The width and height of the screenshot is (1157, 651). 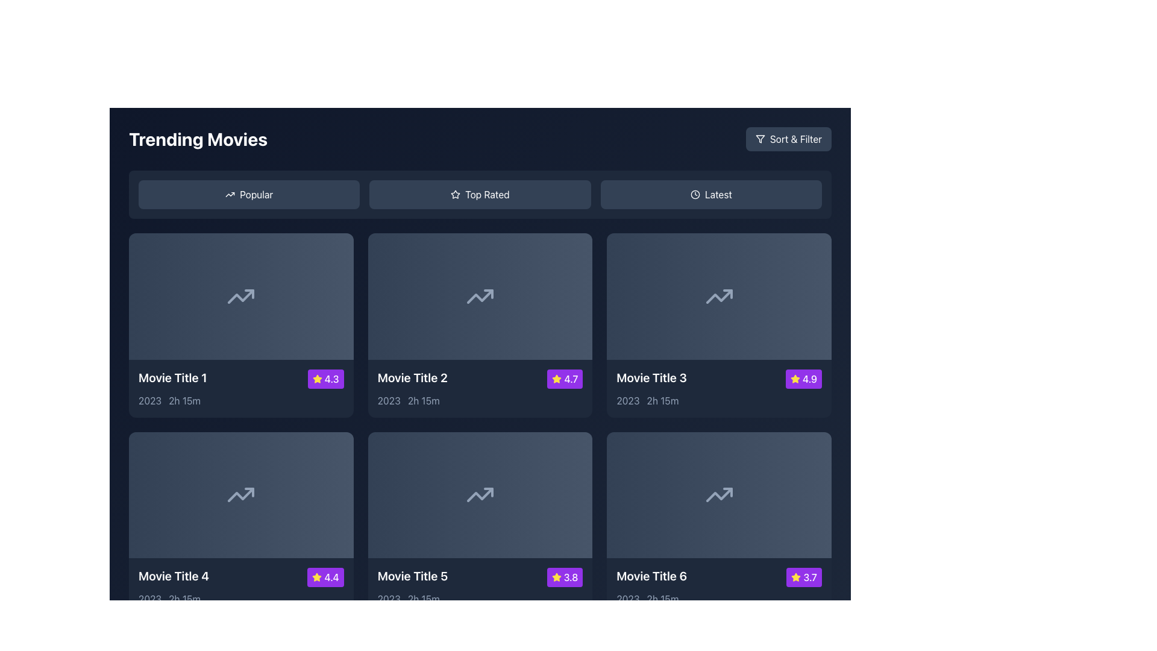 I want to click on the 'Top Rated' icon positioned in the top section of the interface, near the 'Popular' and 'Latest' options, which visually indicates the 'Top Rated' section, so click(x=455, y=193).